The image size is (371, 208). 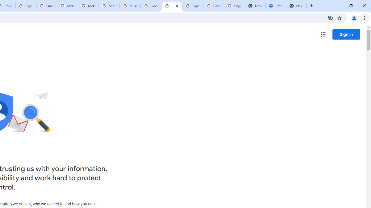 I want to click on 'Sign in - Google Accounts', so click(x=234, y=6).